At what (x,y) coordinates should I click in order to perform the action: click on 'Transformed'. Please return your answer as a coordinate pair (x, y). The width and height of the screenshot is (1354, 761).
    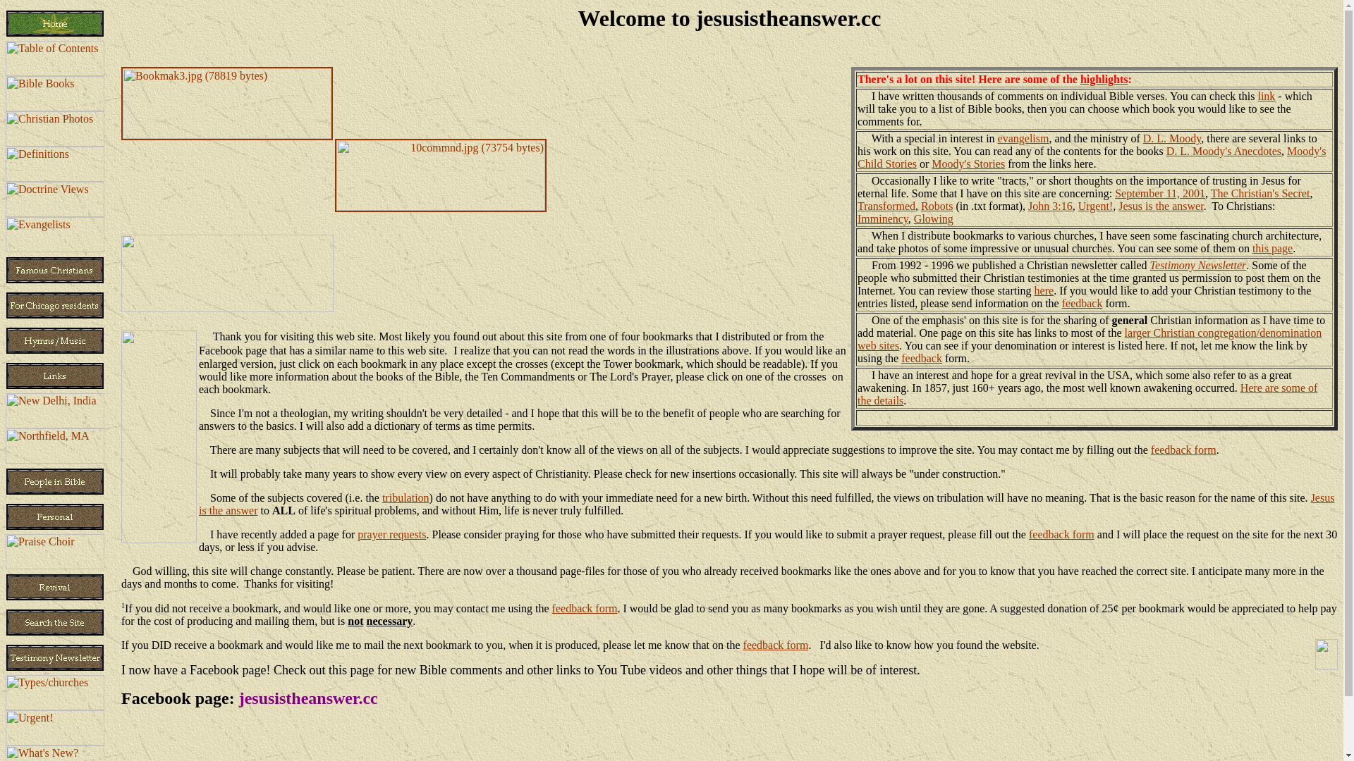
    Looking at the image, I should click on (886, 206).